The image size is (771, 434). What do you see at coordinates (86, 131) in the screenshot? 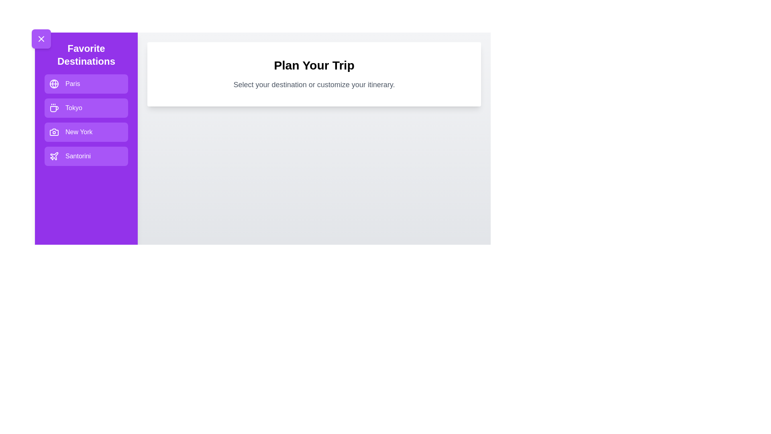
I see `the destination New York in the sidebar` at bounding box center [86, 131].